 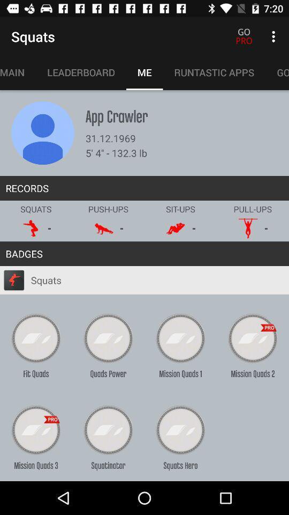 I want to click on the icon above the mission quads 1, so click(x=180, y=338).